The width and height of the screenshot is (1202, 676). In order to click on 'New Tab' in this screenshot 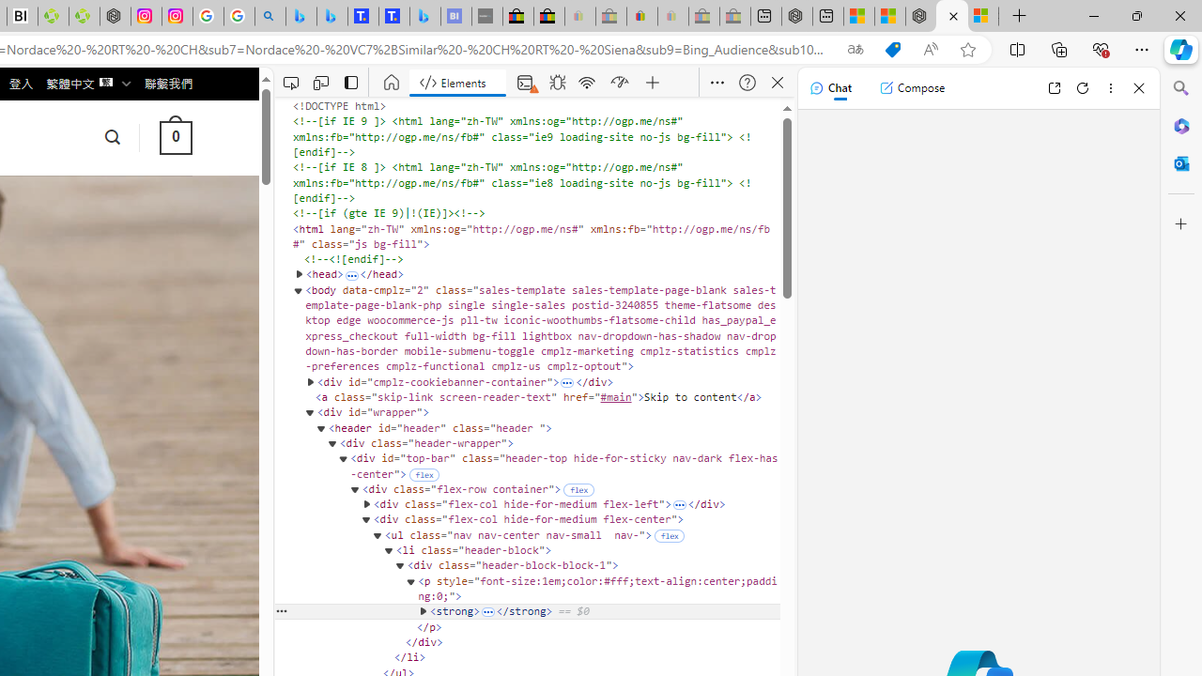, I will do `click(1019, 16)`.